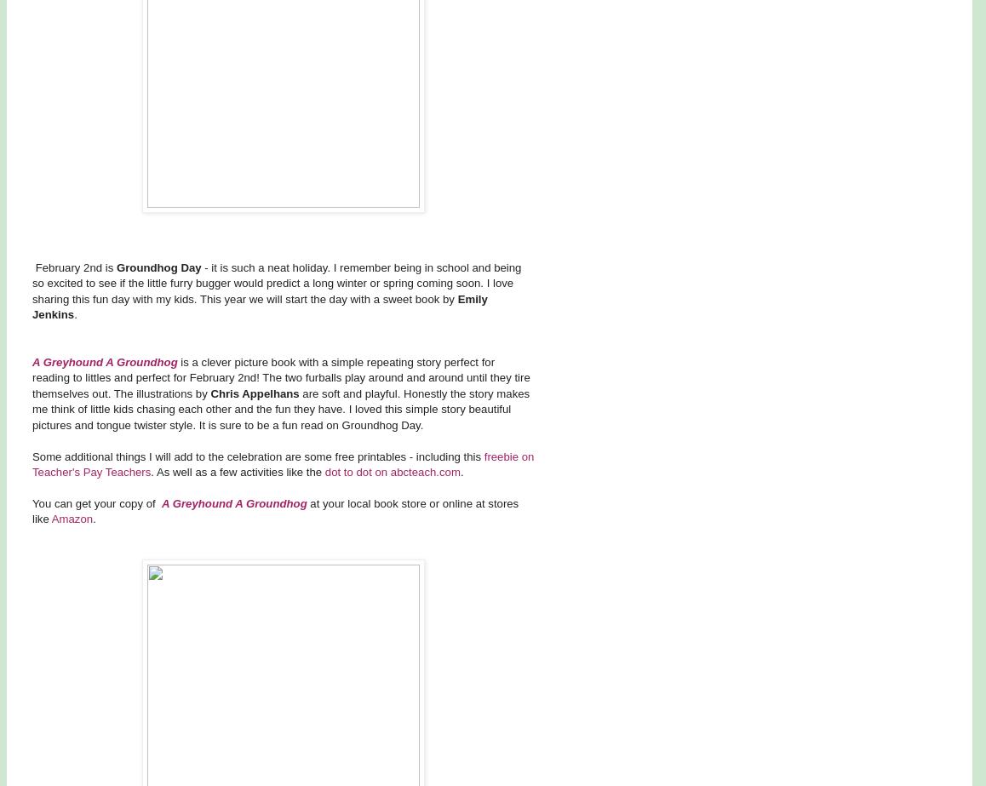 The height and width of the screenshot is (786, 986). I want to click on '- it is such a neat holiday. I remember being in school and being so excited to see if the little furry bugger would predict a long winter or spring coming soon. I love sharing this fun day with my kids. This year we will start the day with a sweet book by', so click(277, 283).